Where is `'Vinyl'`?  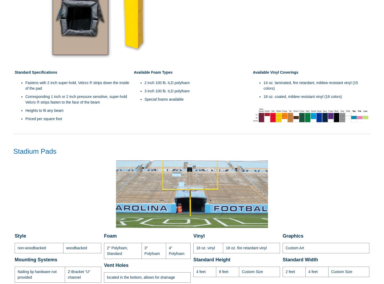
'Vinyl' is located at coordinates (199, 236).